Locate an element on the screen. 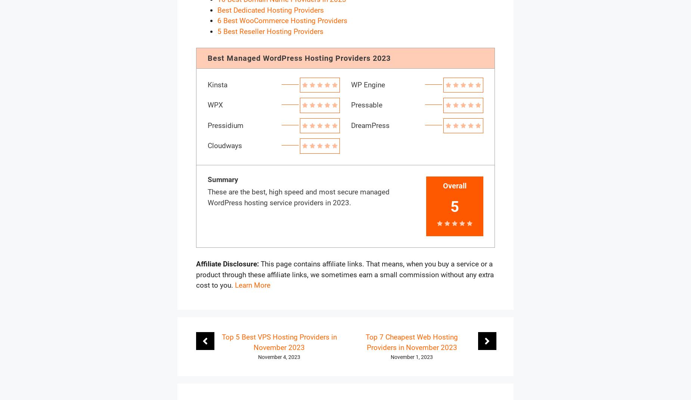  'Summary' is located at coordinates (223, 179).